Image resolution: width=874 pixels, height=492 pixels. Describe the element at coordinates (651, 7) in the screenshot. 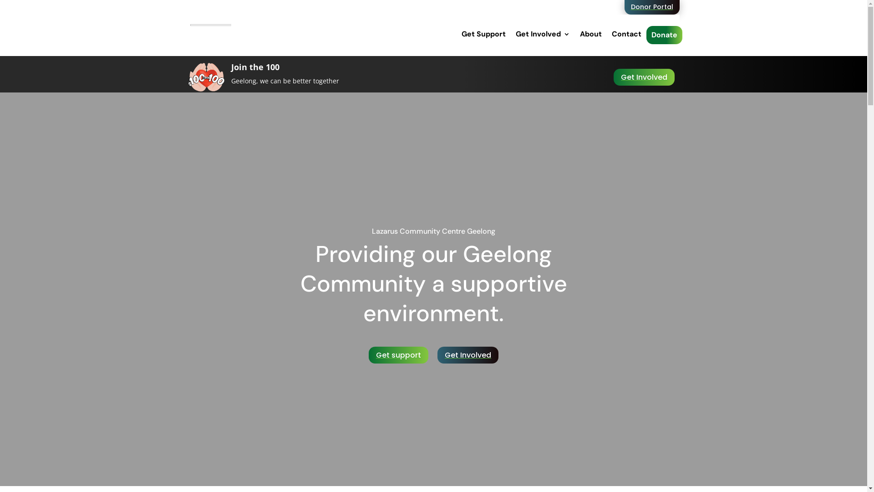

I see `'Donor Portal'` at that location.